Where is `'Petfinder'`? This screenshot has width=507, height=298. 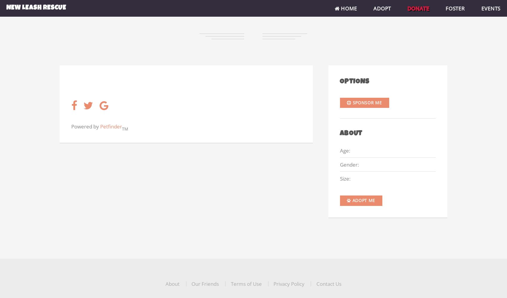 'Petfinder' is located at coordinates (111, 126).